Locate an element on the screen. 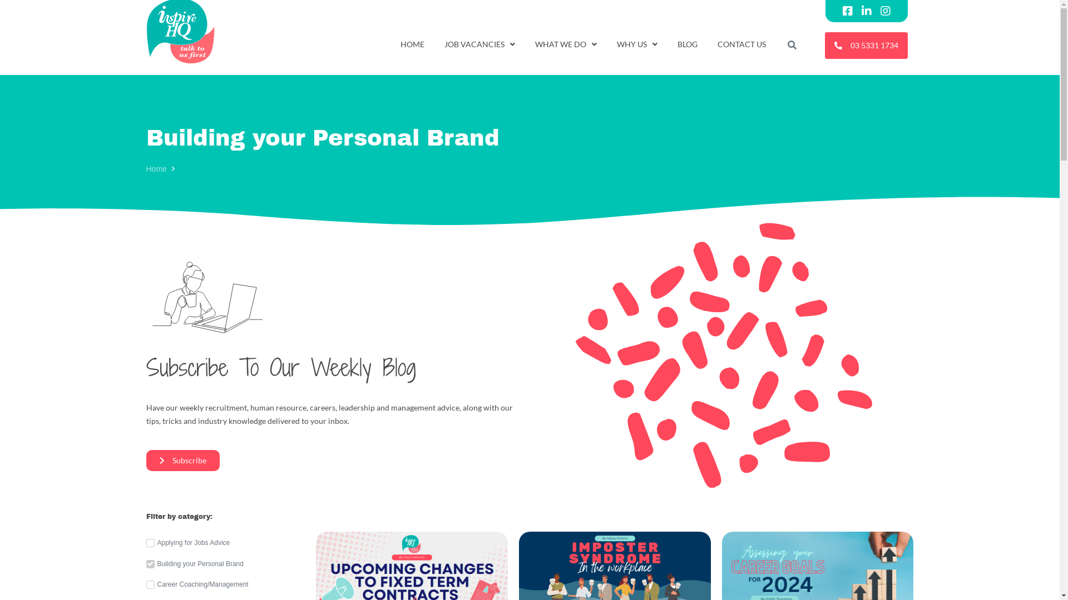 The image size is (1068, 600). 'Subscribe' is located at coordinates (145, 461).